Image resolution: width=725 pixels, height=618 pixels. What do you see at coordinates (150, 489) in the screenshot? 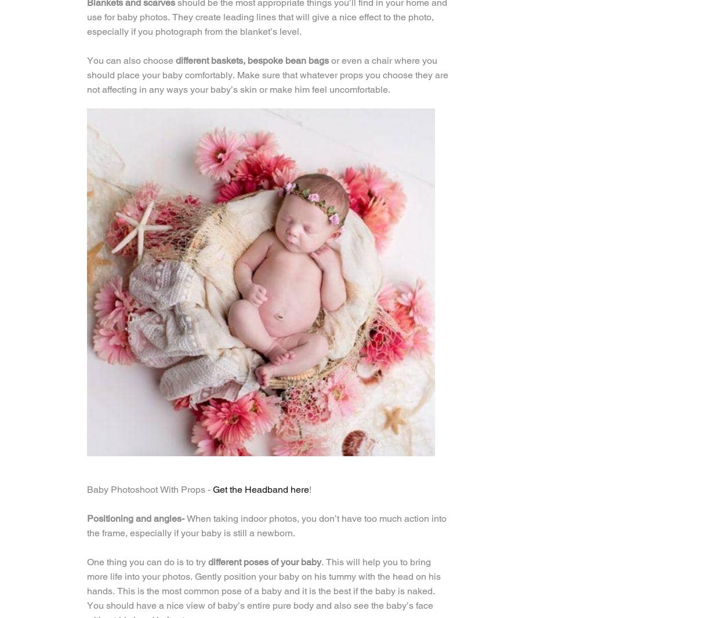
I see `'Baby Photoshoot With Props -'` at bounding box center [150, 489].